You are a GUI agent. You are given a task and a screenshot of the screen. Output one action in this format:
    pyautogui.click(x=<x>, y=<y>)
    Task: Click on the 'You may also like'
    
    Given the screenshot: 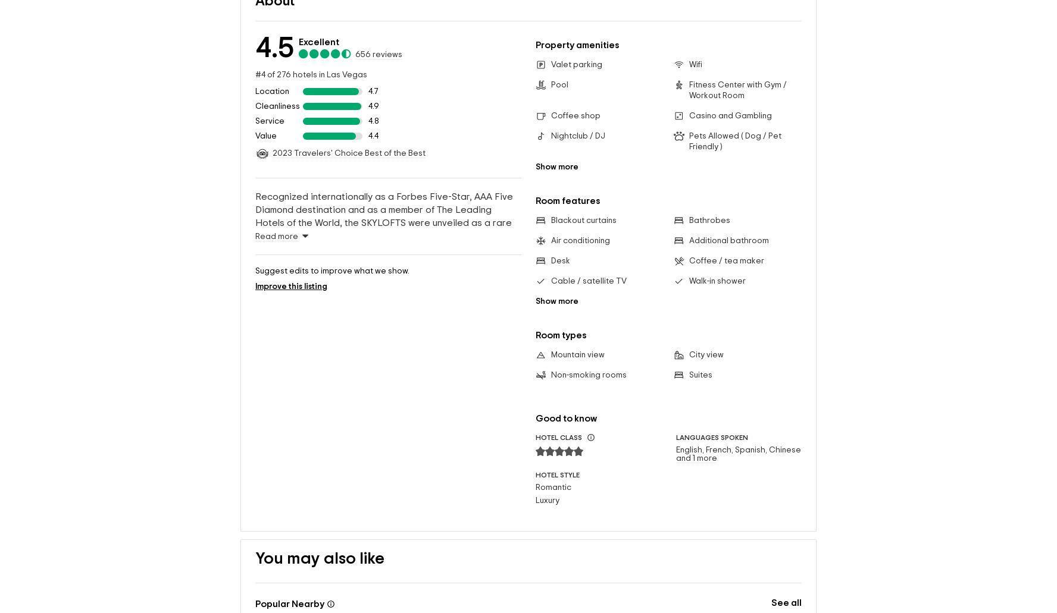 What is the action you would take?
    pyautogui.click(x=320, y=540)
    